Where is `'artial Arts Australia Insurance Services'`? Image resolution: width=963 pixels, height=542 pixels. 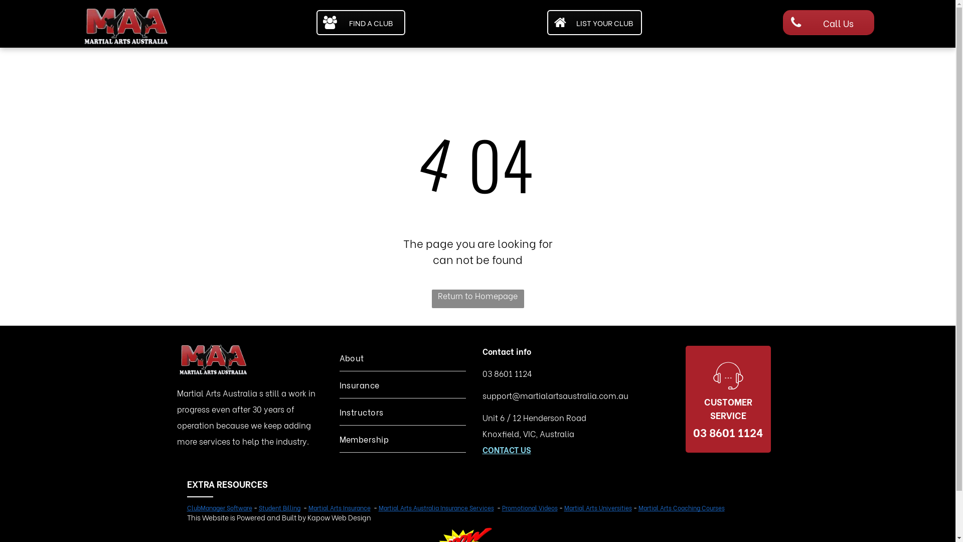 'artial Arts Australia Insurance Services' is located at coordinates (438, 507).